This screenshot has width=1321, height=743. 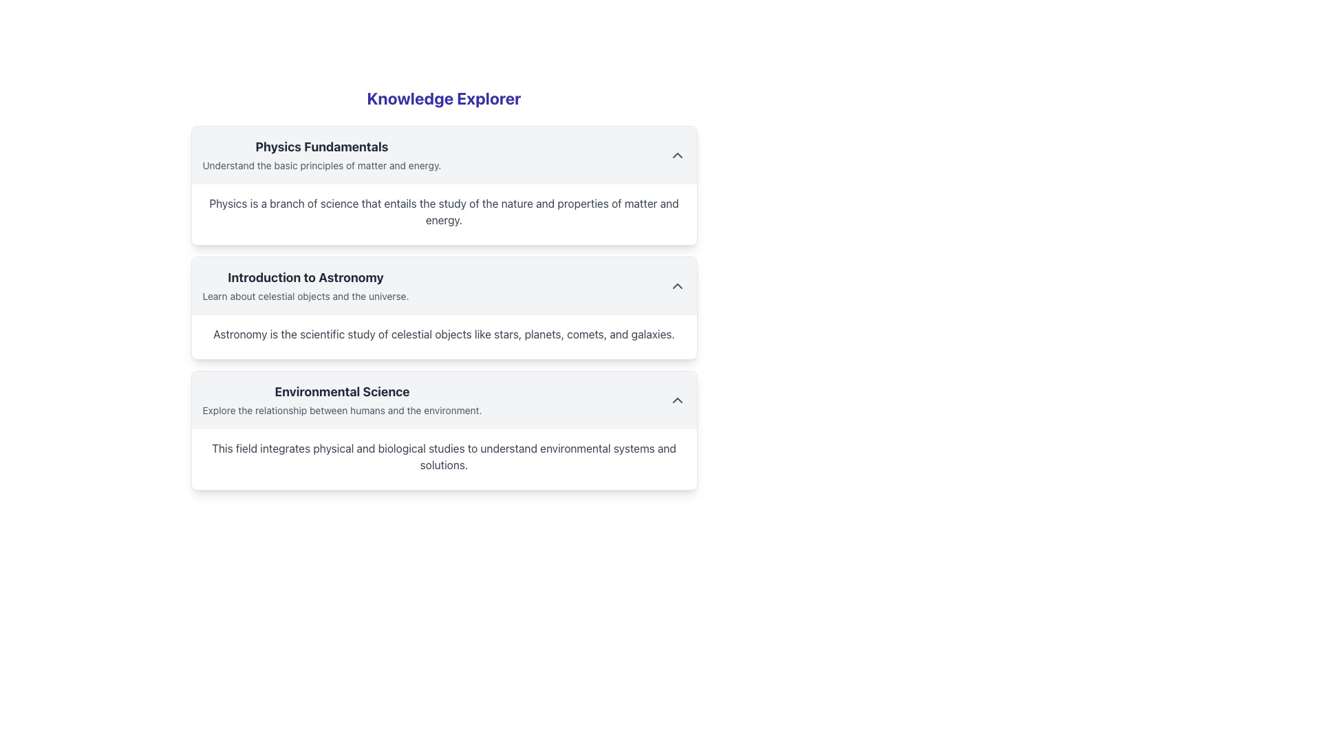 I want to click on the 'Physics Fundamentals' informational card, which is a rectangular card with a white background and rounded corners, located in the 'Knowledge Explorer' section, so click(x=444, y=186).